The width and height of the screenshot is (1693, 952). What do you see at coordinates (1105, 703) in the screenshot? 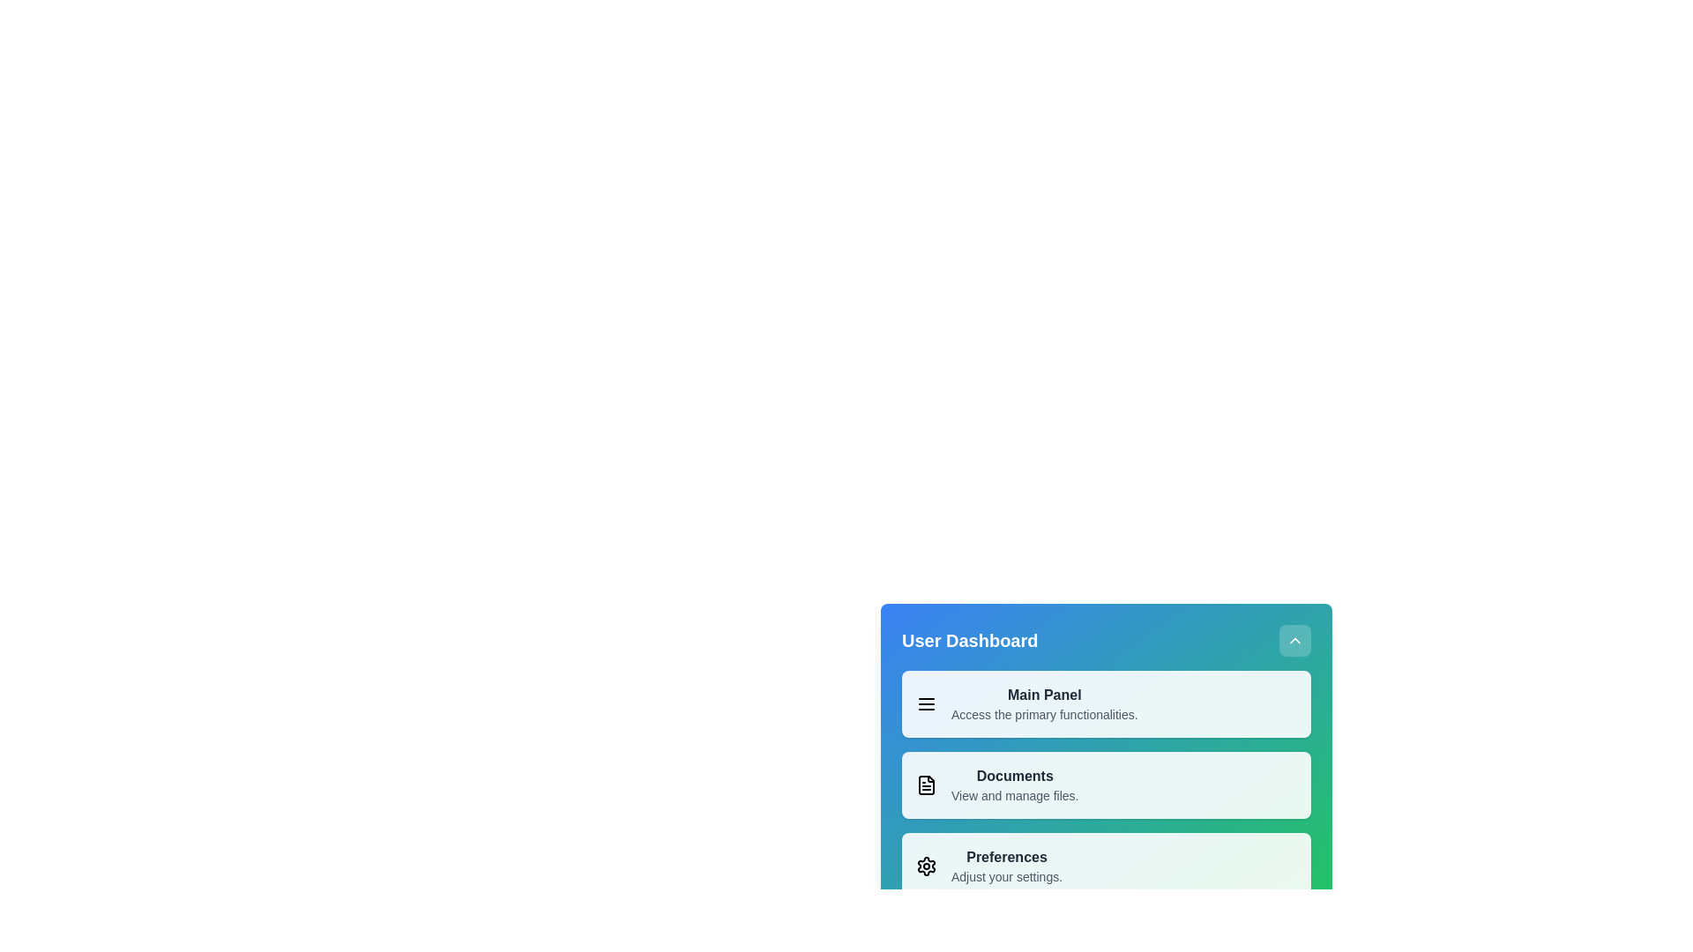
I see `the menu item labeled Main Panel` at bounding box center [1105, 703].